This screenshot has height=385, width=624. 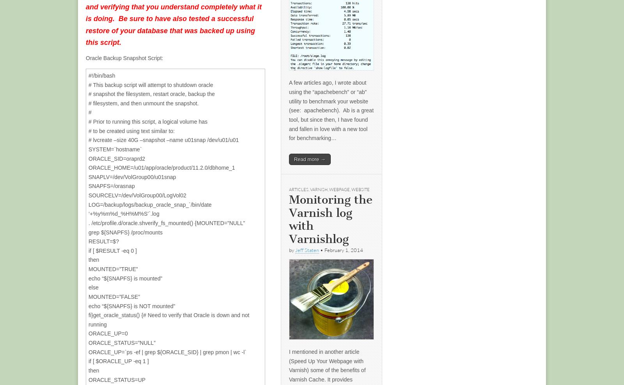 What do you see at coordinates (124, 58) in the screenshot?
I see `'Oracle Backup Snapshot Script:'` at bounding box center [124, 58].